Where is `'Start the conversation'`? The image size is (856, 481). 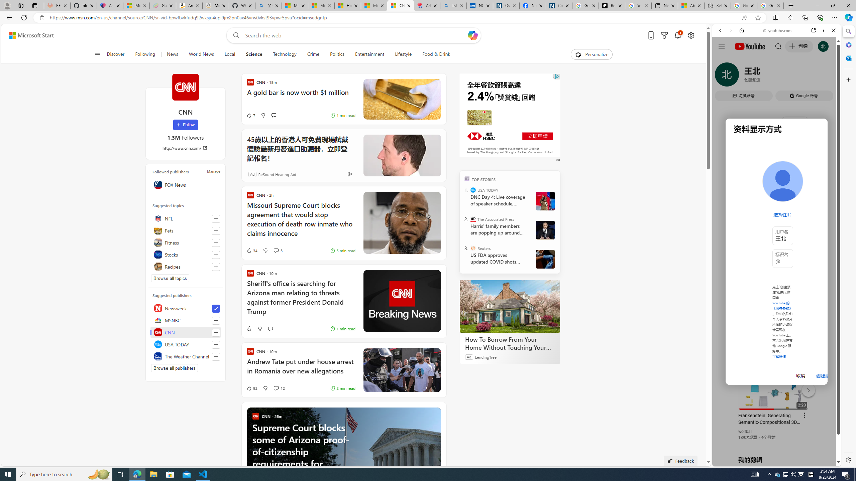 'Start the conversation' is located at coordinates (270, 329).